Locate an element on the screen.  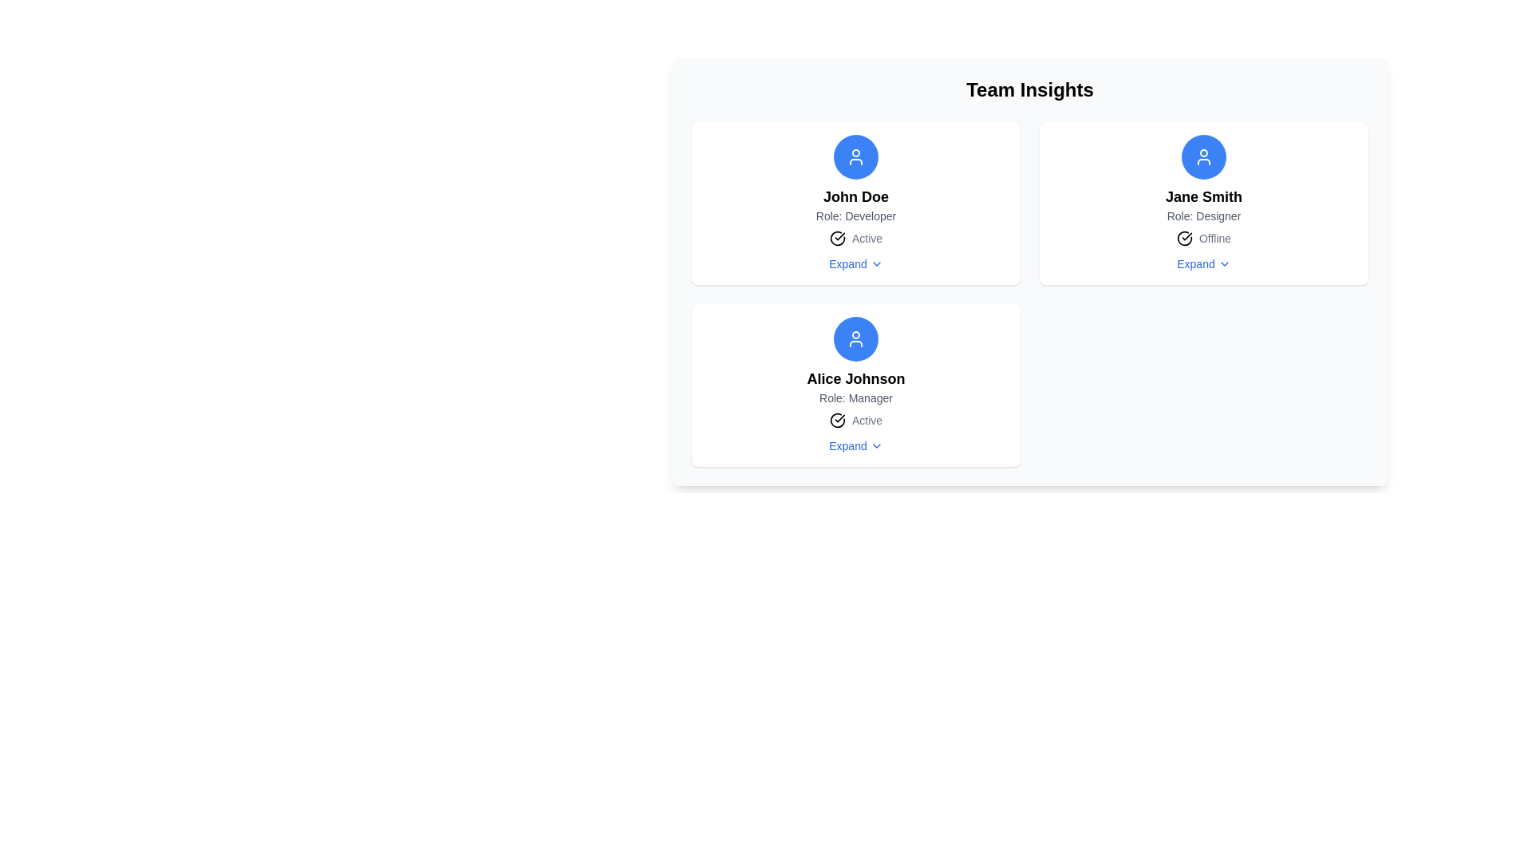
the text label representing a person's name in the top-left card of the team insights interface for additional details is located at coordinates (855, 196).